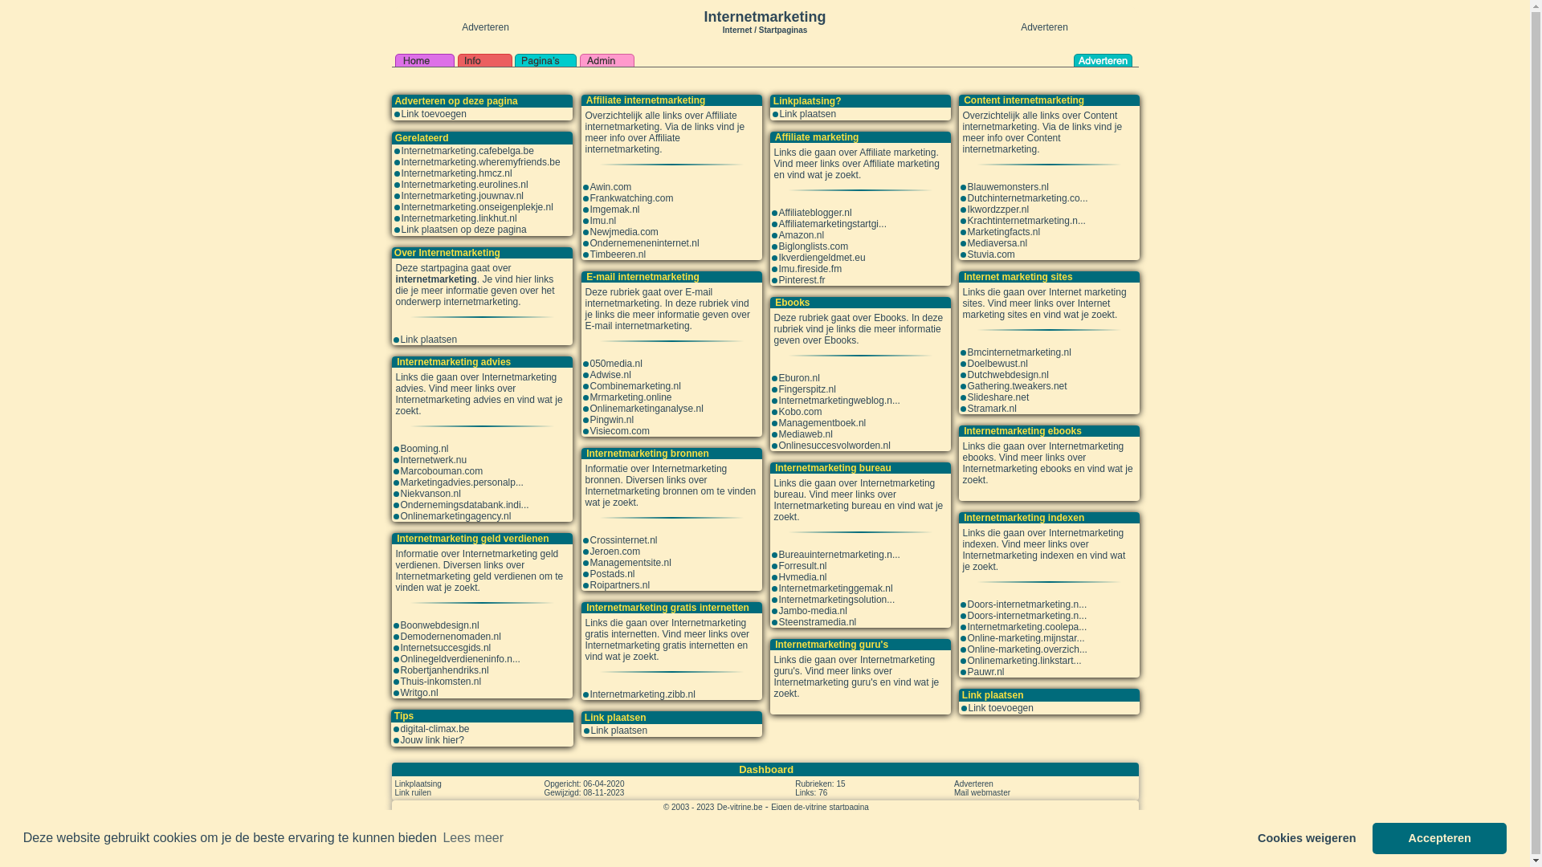 Image resolution: width=1542 pixels, height=867 pixels. I want to click on 'Jouw link hier?', so click(431, 739).